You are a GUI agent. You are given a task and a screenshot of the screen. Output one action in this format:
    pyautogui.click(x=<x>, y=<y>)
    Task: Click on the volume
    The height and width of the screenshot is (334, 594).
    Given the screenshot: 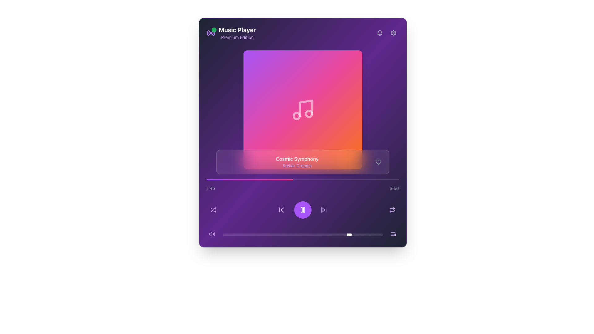 What is the action you would take?
    pyautogui.click(x=346, y=235)
    